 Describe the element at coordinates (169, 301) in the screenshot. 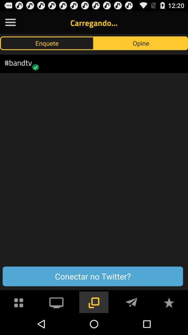

I see `to favorites` at that location.